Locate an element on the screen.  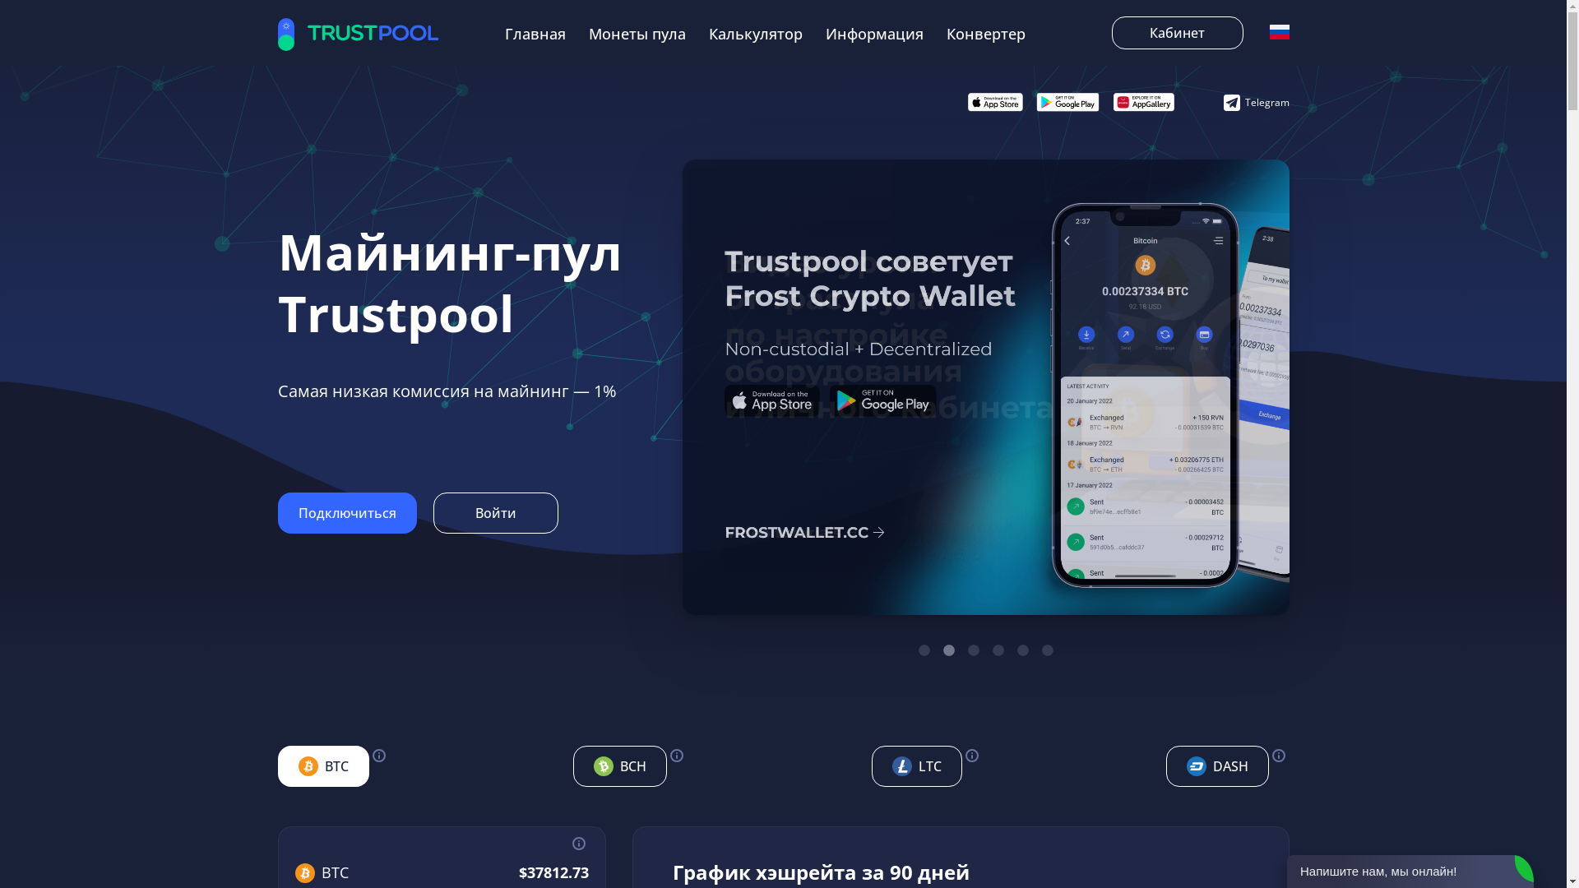
'6' is located at coordinates (1046, 650).